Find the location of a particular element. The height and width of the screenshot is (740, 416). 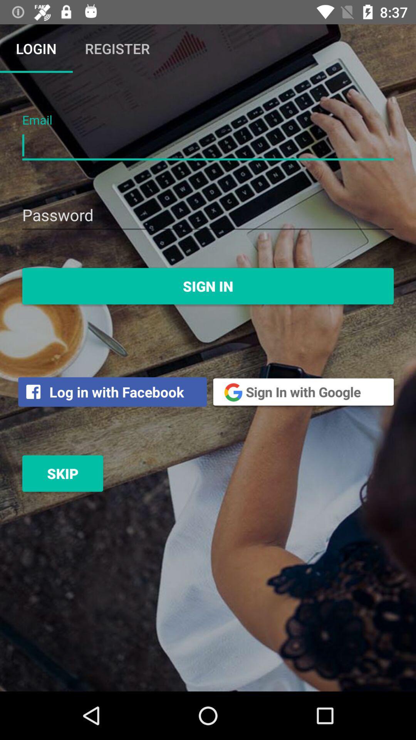

email address text box is located at coordinates (208, 146).